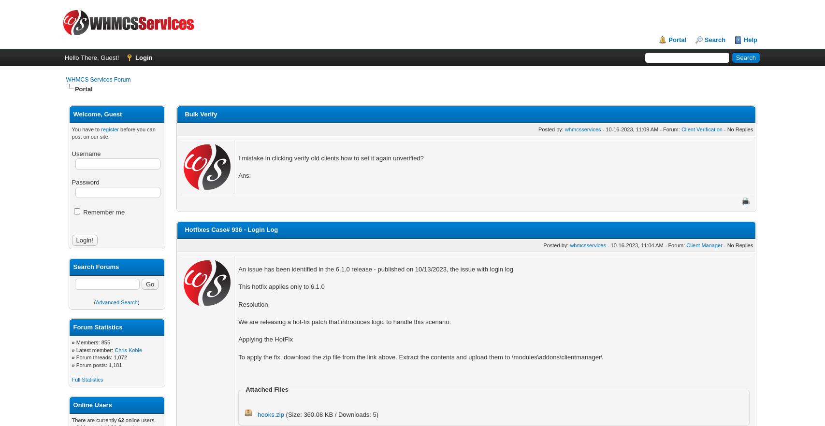 This screenshot has height=426, width=825. What do you see at coordinates (86, 153) in the screenshot?
I see `'Username'` at bounding box center [86, 153].